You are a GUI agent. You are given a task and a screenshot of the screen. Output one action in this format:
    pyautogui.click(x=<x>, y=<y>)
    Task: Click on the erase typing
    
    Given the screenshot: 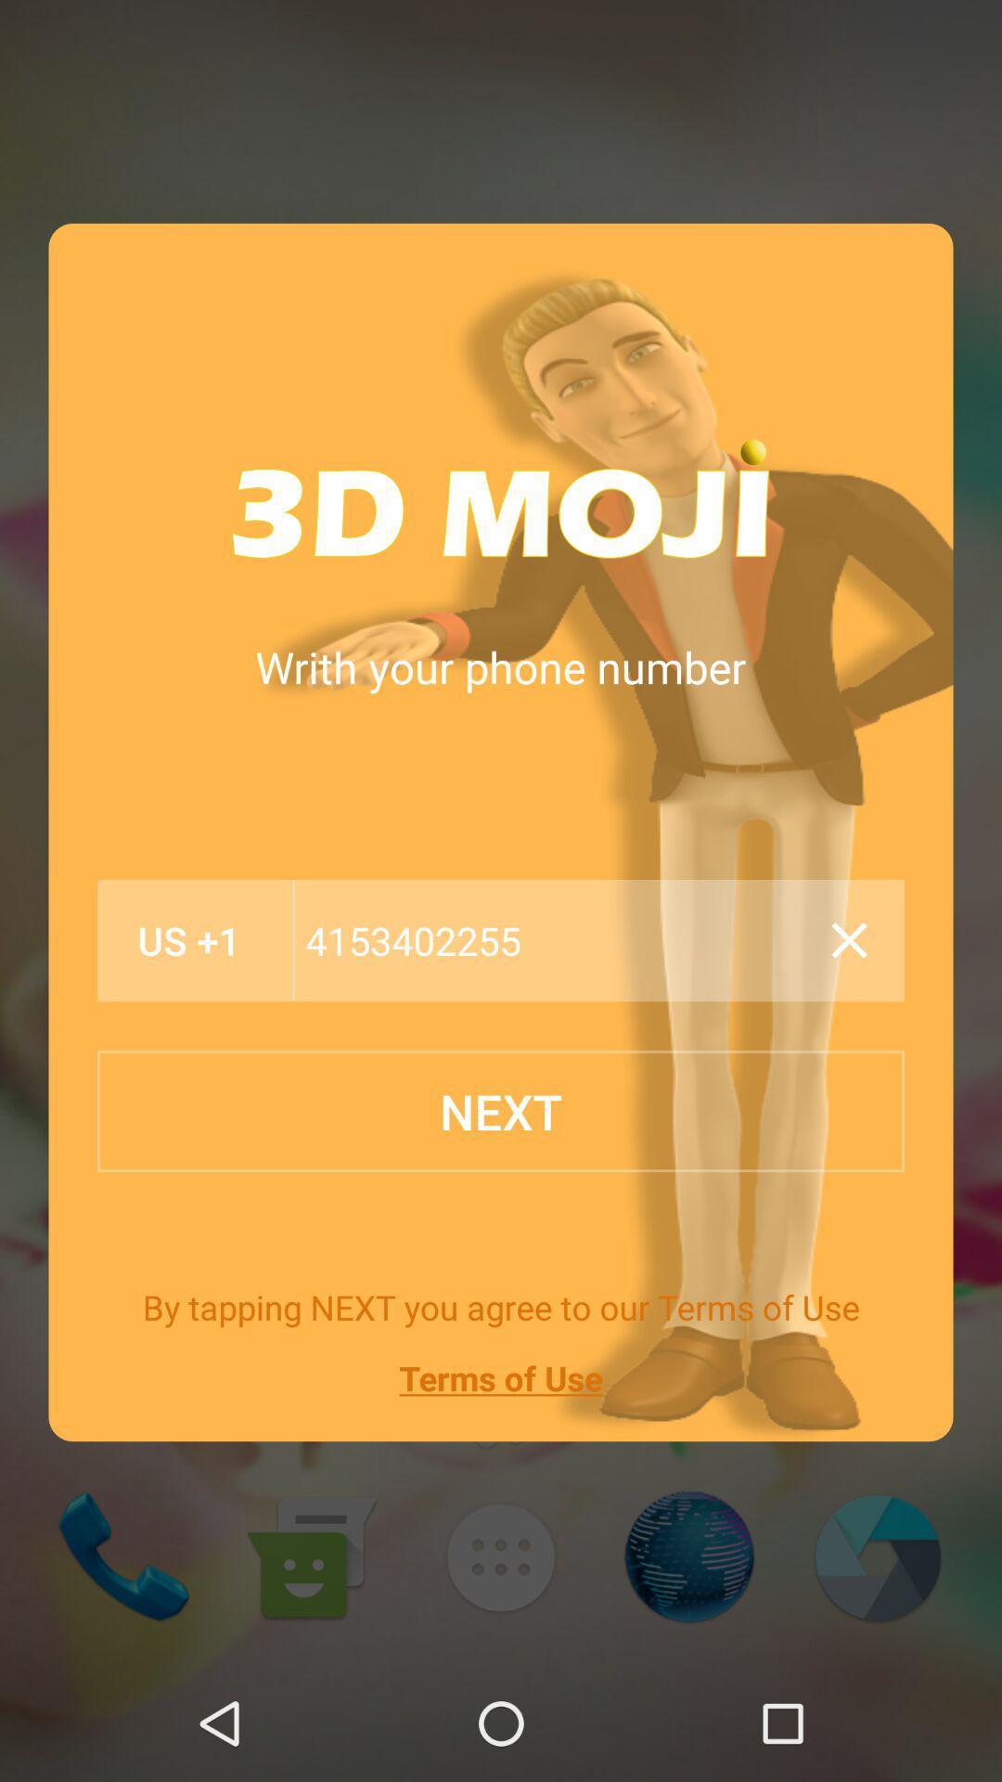 What is the action you would take?
    pyautogui.click(x=849, y=940)
    